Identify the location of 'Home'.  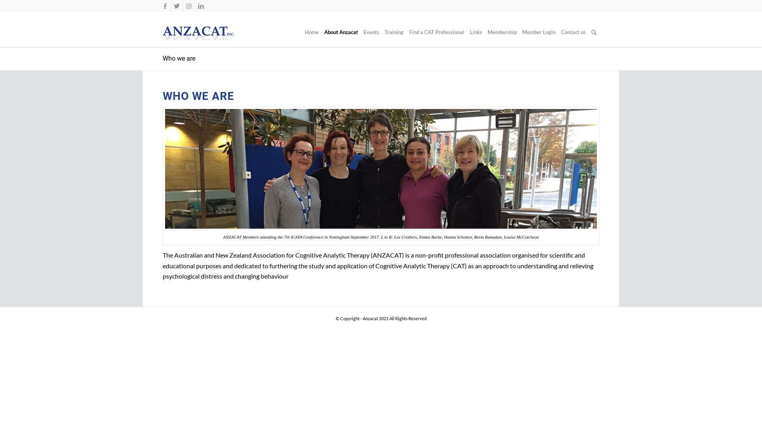
(302, 32).